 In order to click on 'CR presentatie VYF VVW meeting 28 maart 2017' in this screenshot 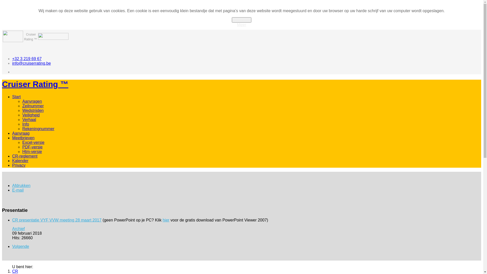, I will do `click(57, 220)`.